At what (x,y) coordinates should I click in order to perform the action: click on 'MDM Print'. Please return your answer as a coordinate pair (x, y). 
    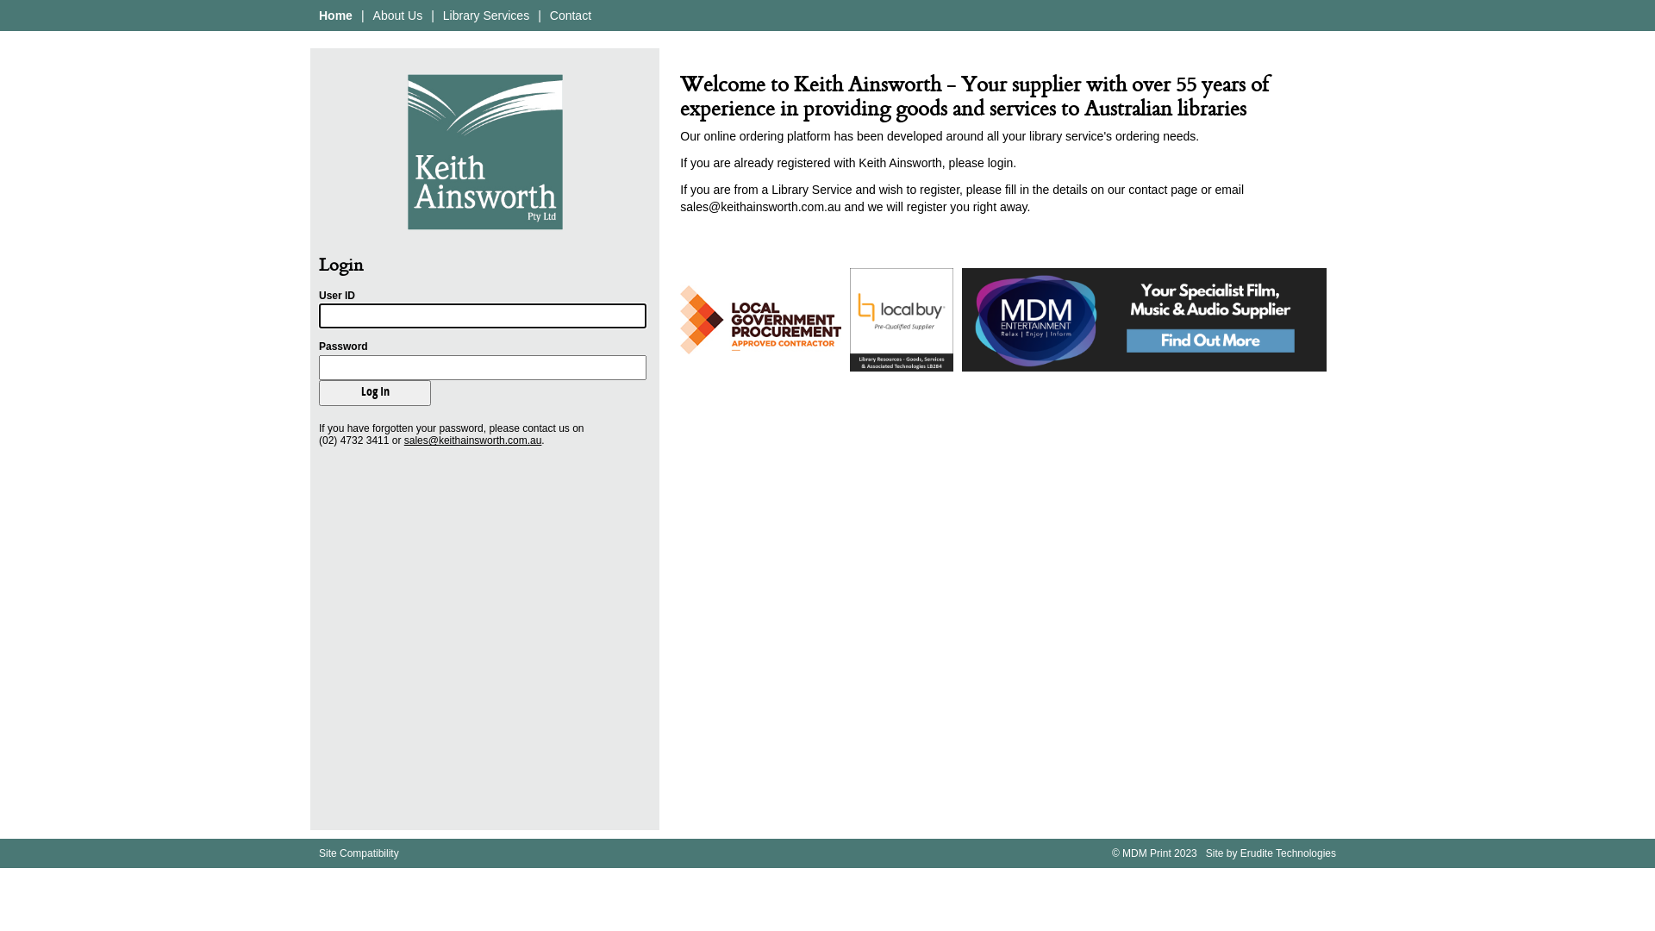
    Looking at the image, I should click on (1146, 853).